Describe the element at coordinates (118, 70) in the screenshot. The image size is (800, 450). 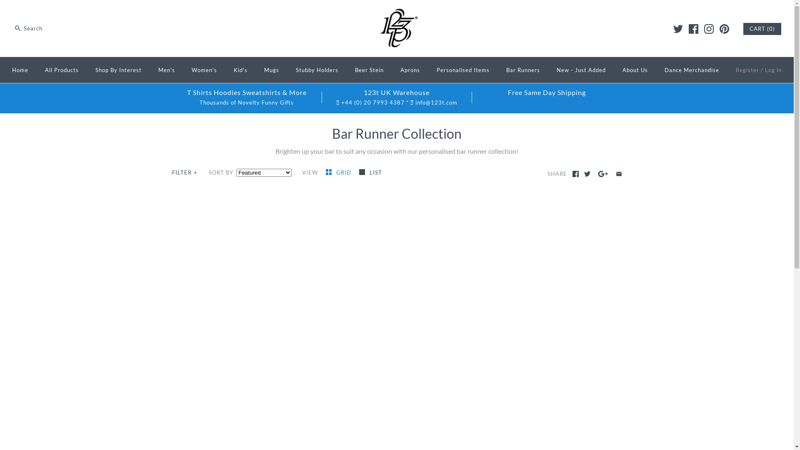
I see `'Shop By Interest'` at that location.